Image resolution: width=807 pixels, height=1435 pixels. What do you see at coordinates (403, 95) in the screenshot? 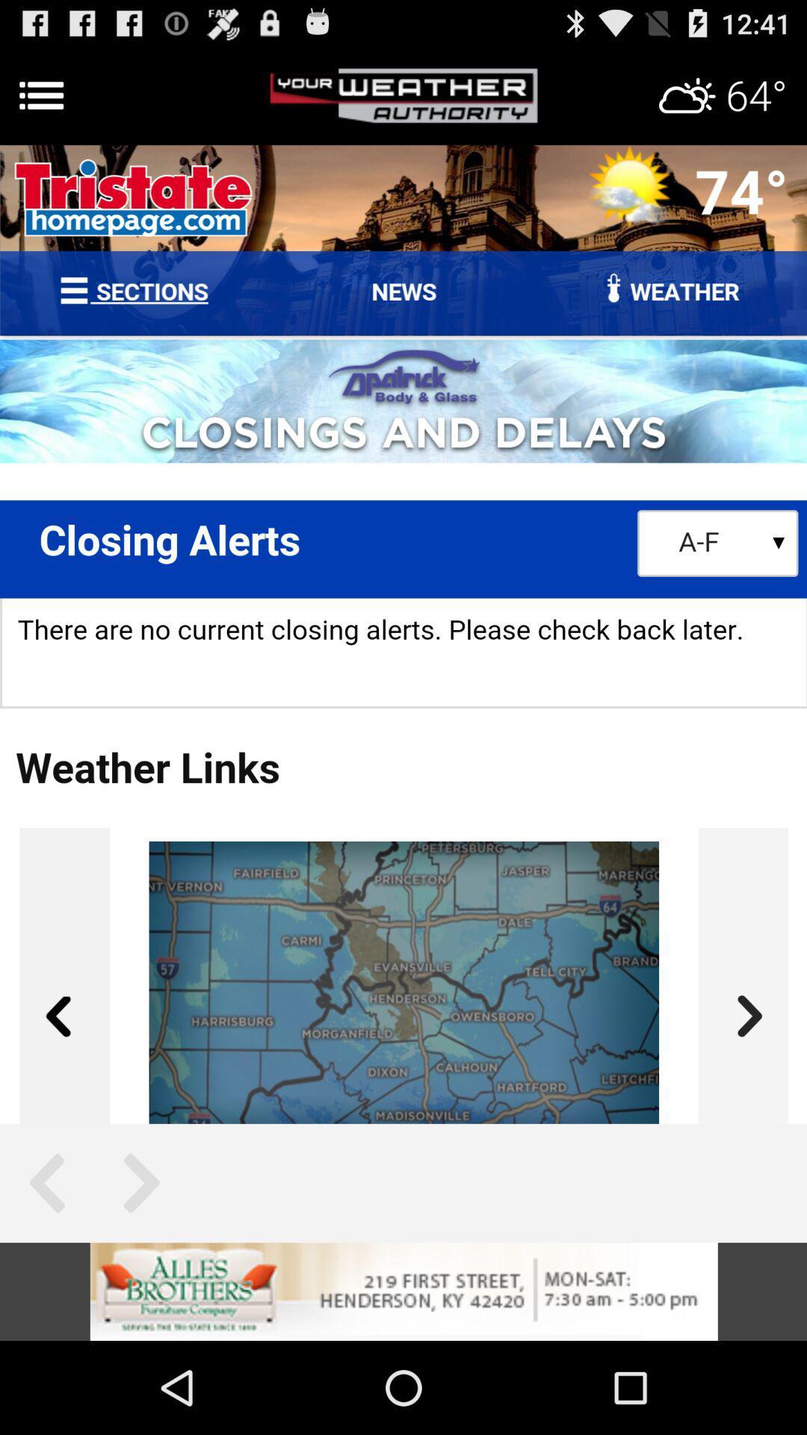
I see `menu bar` at bounding box center [403, 95].